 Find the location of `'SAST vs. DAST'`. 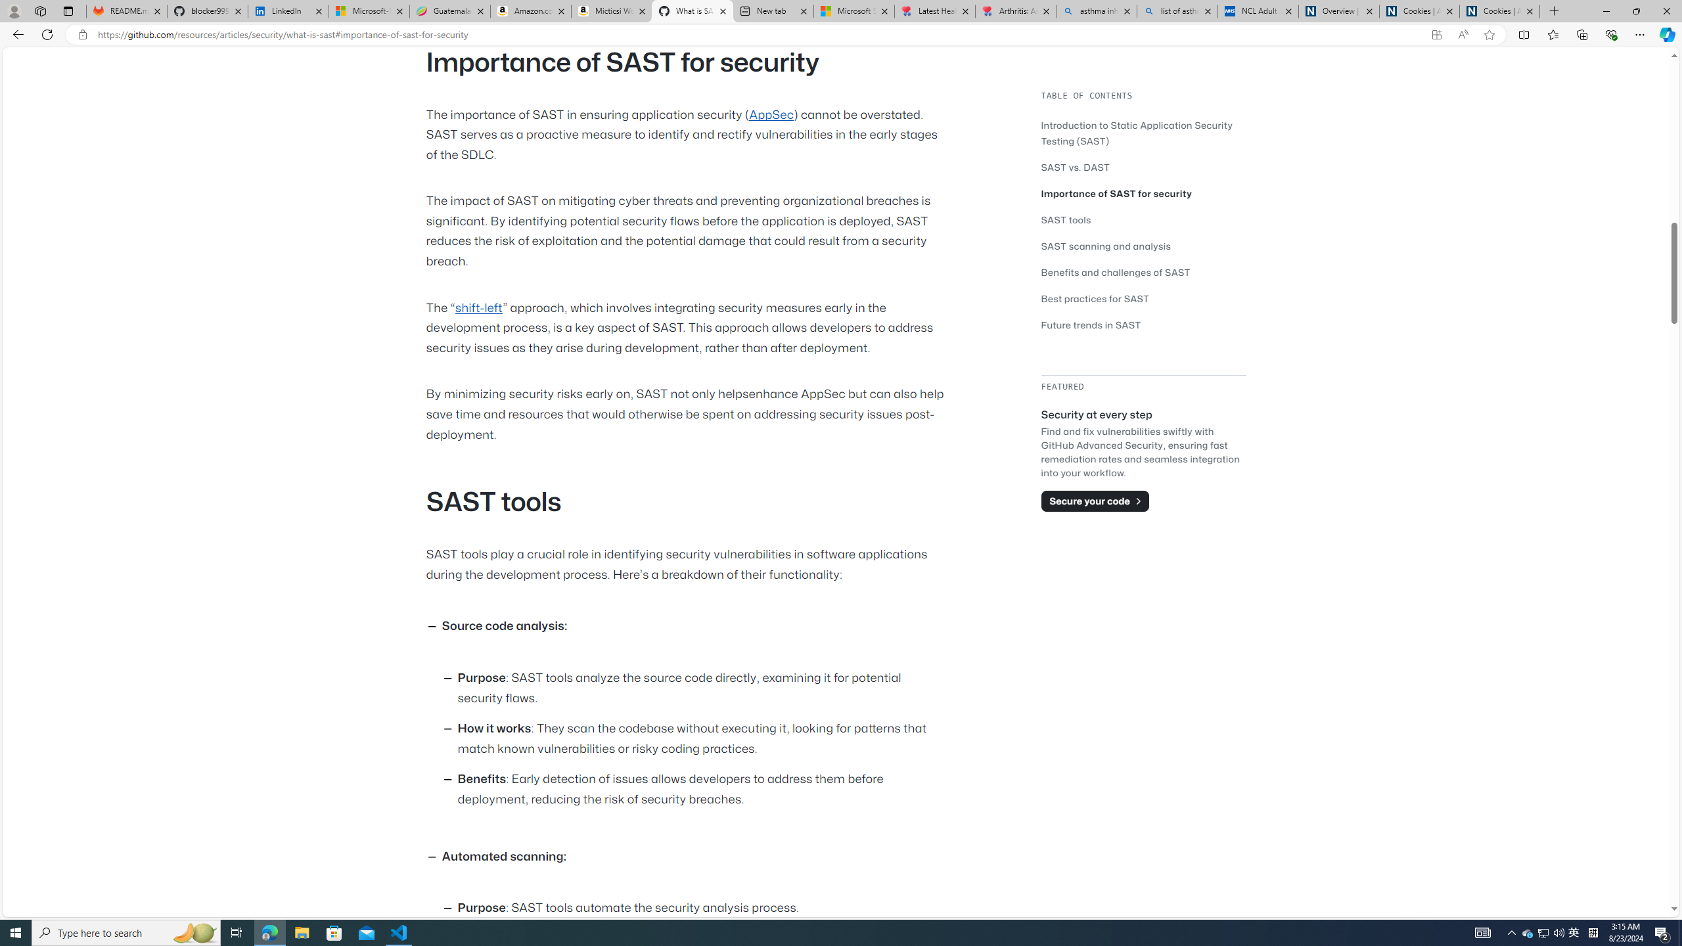

'SAST vs. DAST' is located at coordinates (1075, 166).